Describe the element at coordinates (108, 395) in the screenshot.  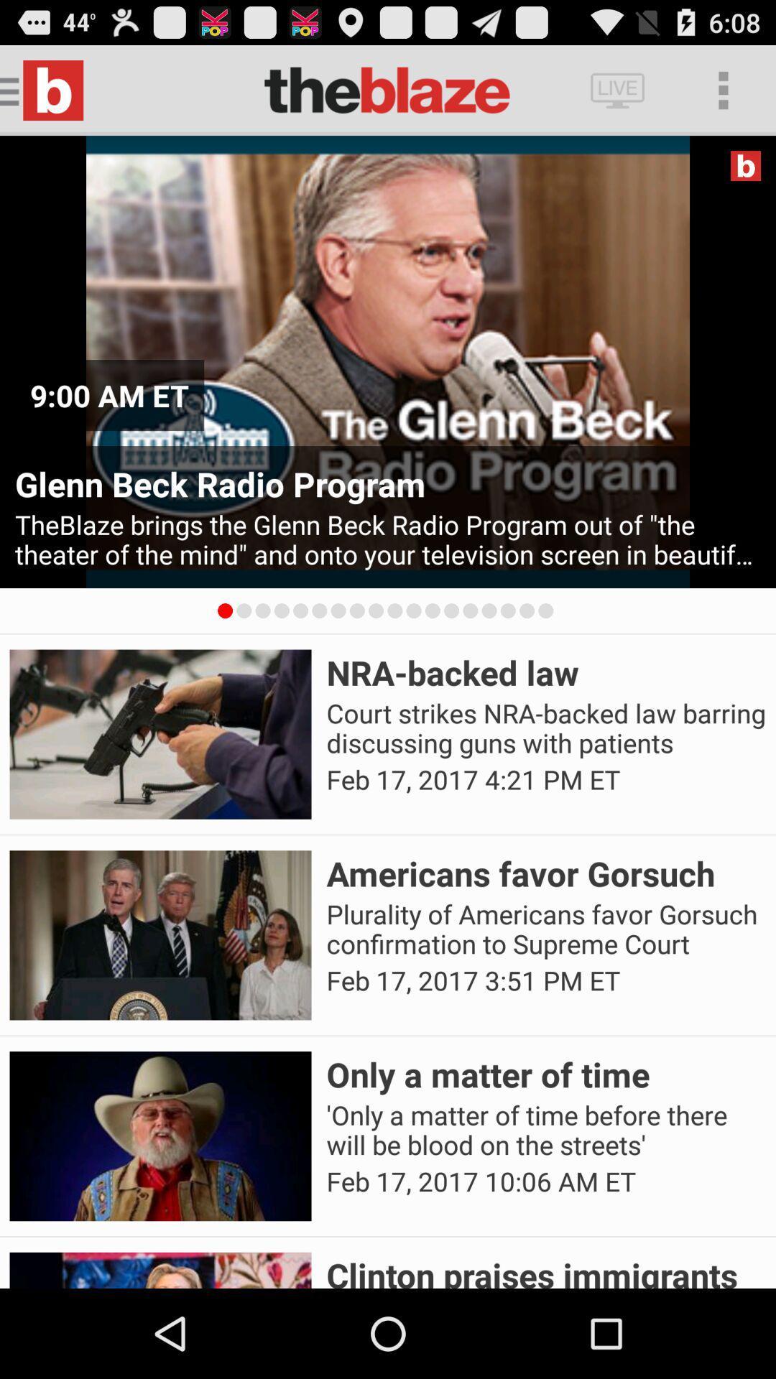
I see `9 00 am icon` at that location.